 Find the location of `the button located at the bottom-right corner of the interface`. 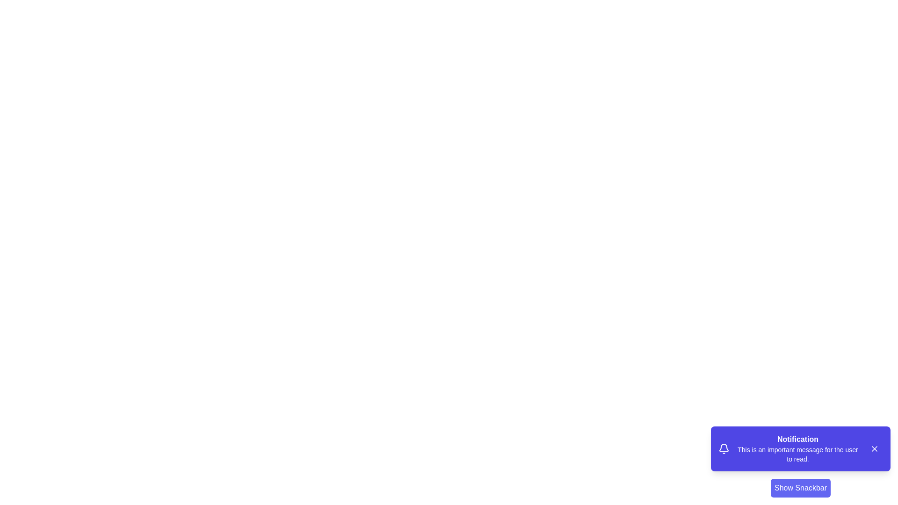

the button located at the bottom-right corner of the interface is located at coordinates (800, 488).